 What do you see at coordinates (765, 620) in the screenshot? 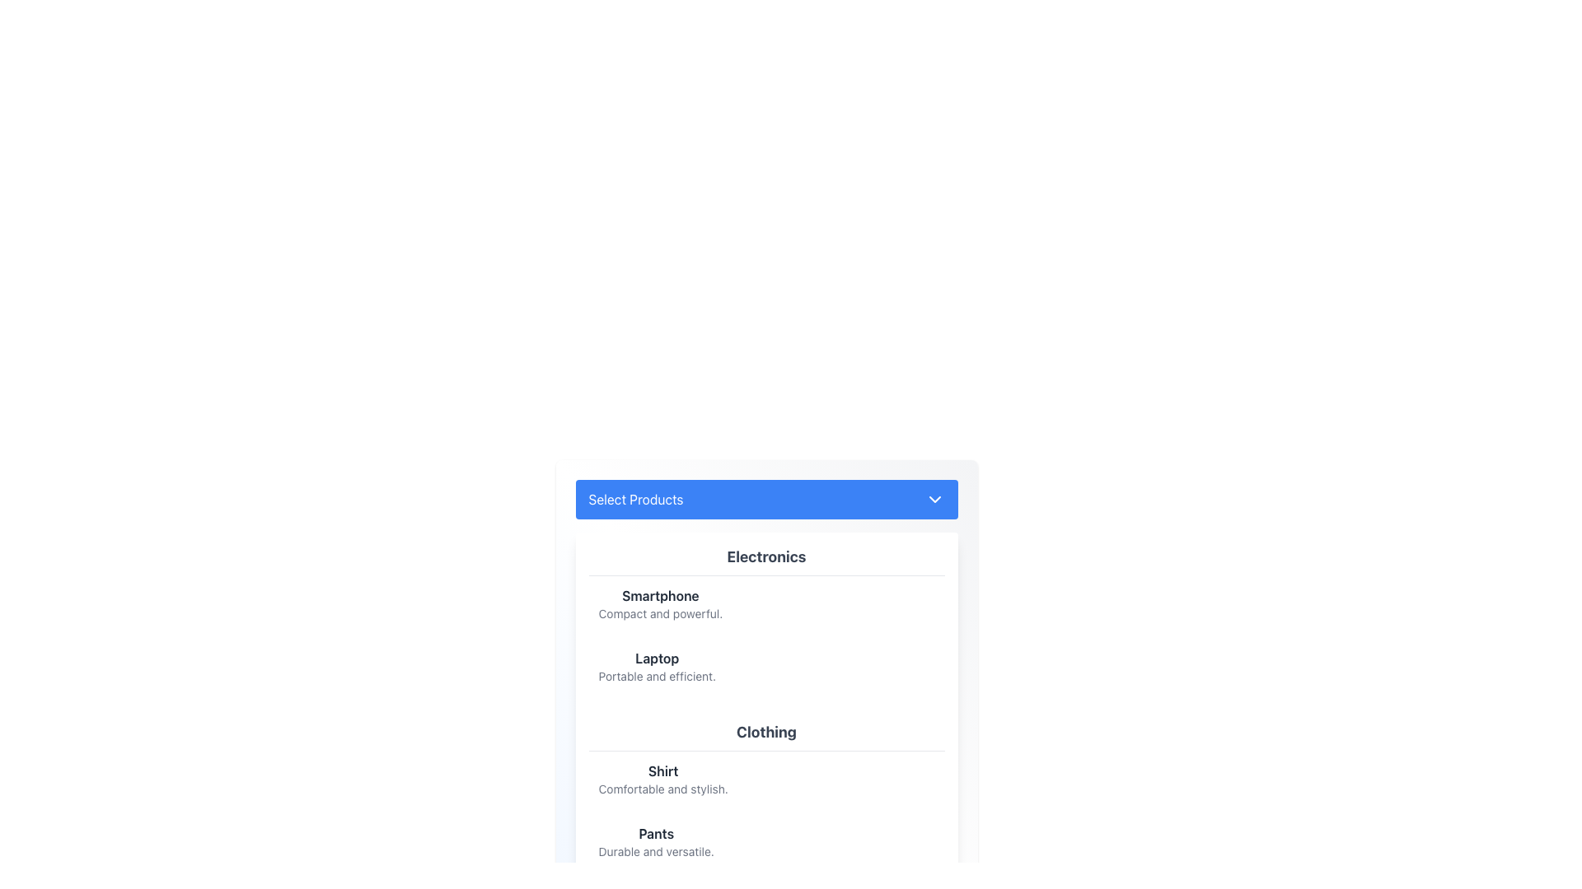
I see `the categorized item list under 'Electronics' to interact with its subelements such as Smartphone and Laptop` at bounding box center [765, 620].